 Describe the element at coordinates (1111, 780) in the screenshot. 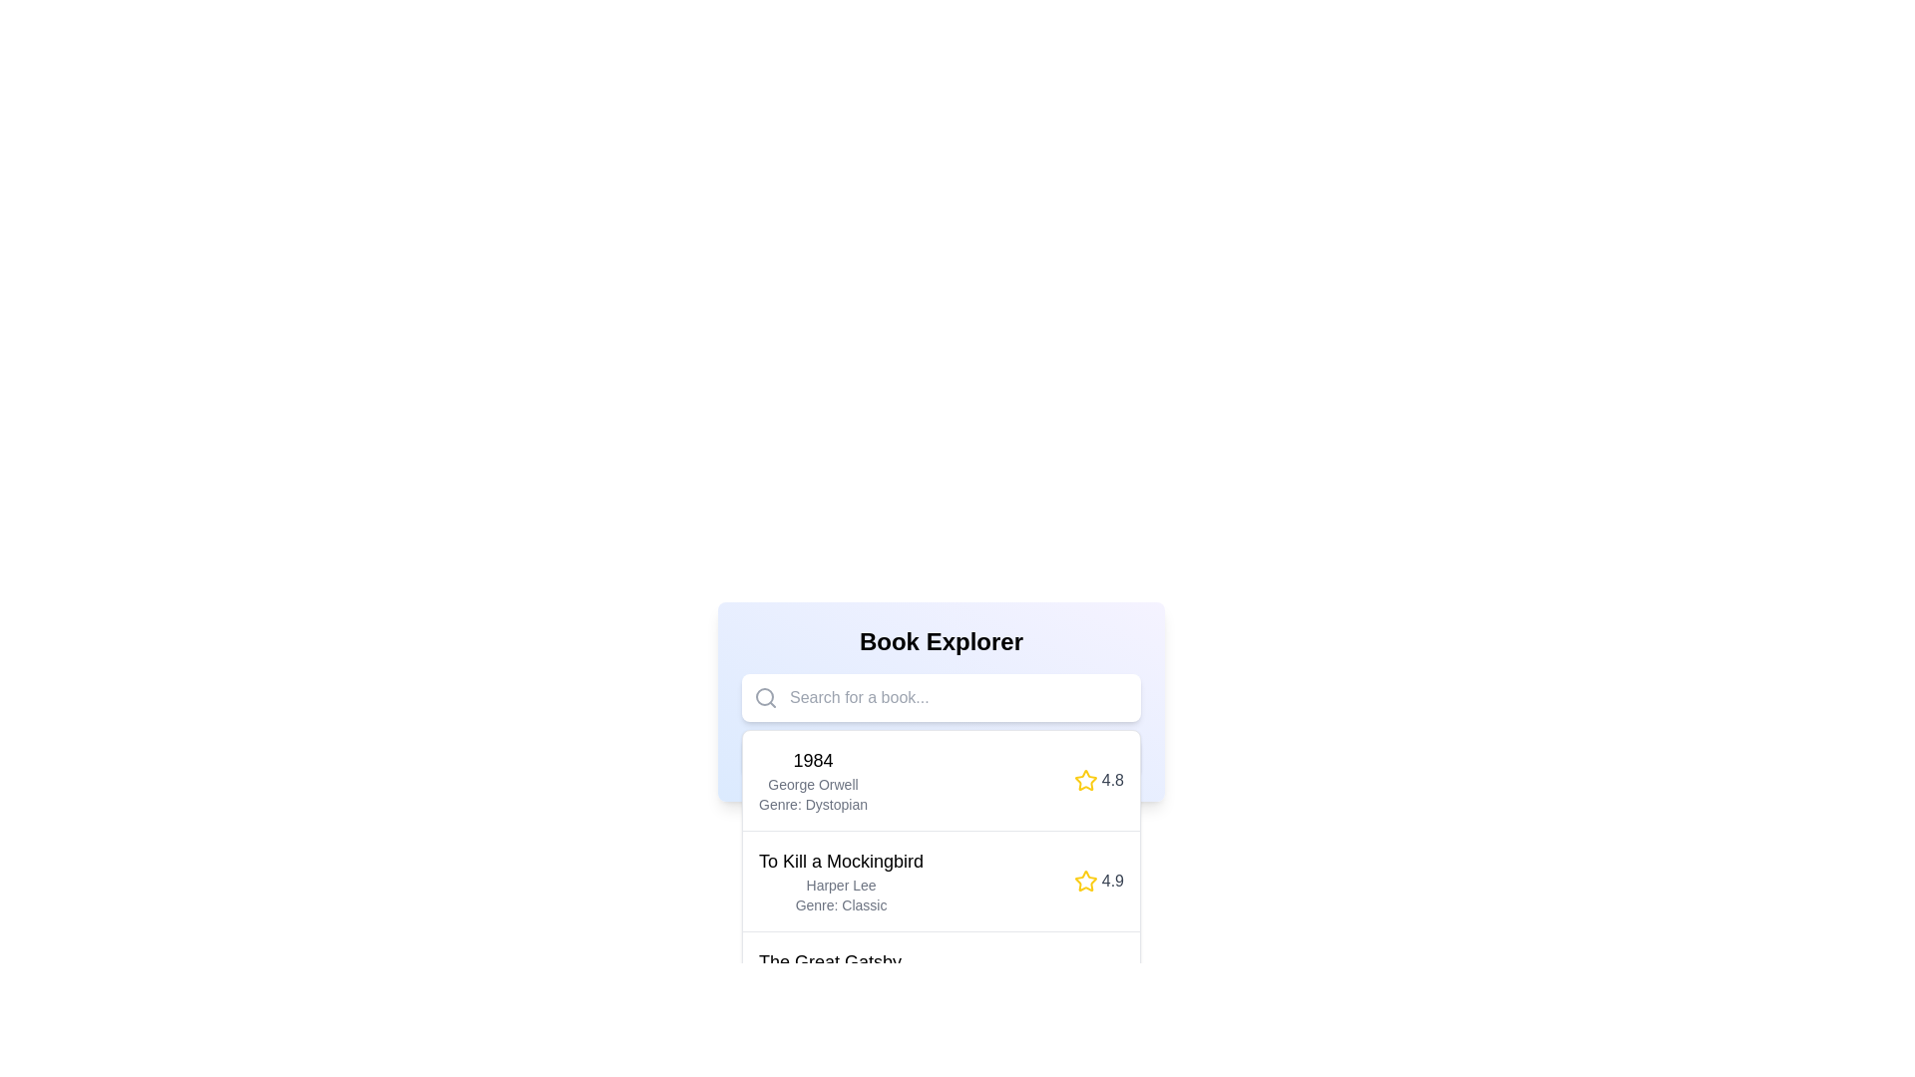

I see `the text label displaying the rating for the book '1984' in the 'Book Explorer' application` at that location.